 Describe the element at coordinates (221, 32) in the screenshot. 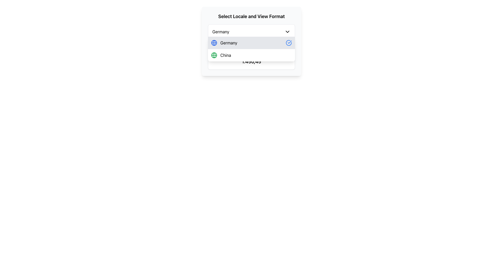

I see `the text 'Germany' in the dropdown menu` at that location.